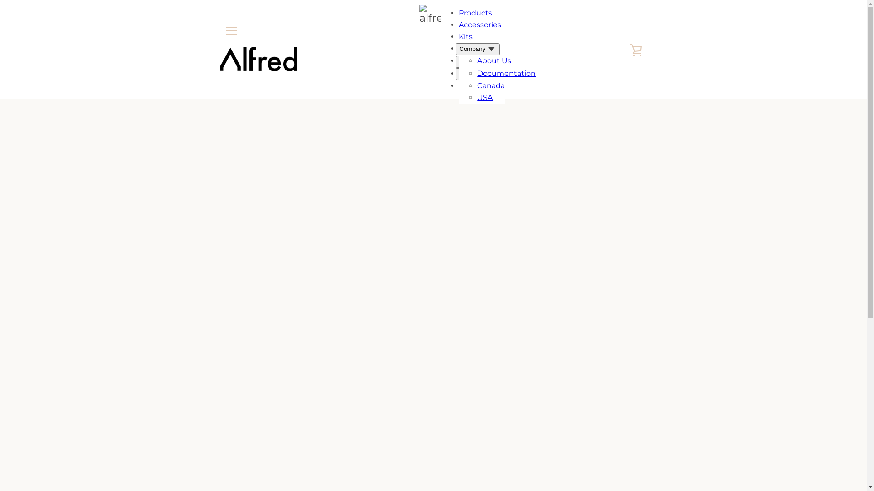 This screenshot has height=491, width=874. I want to click on 'Kits', so click(465, 36).